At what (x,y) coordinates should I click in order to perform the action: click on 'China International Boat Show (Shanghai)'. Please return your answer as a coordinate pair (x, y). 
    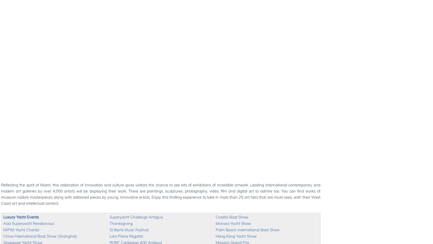
    Looking at the image, I should click on (40, 236).